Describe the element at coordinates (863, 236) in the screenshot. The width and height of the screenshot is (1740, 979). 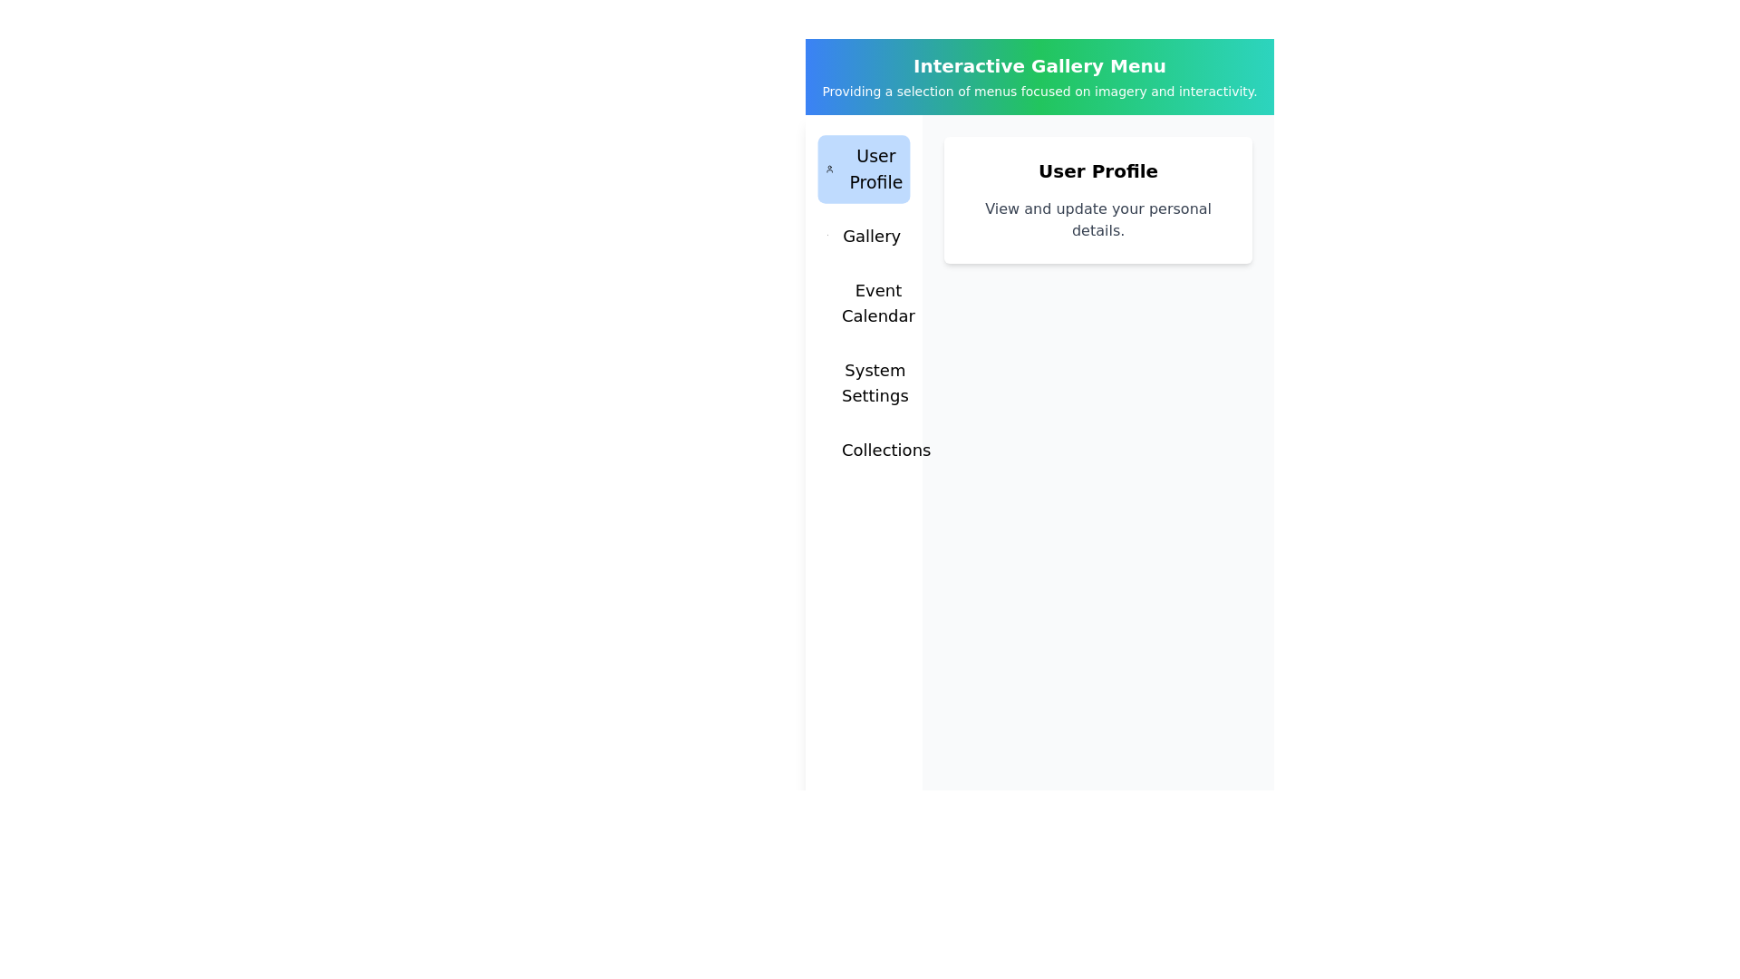
I see `the menu tab Gallery by clicking on it` at that location.